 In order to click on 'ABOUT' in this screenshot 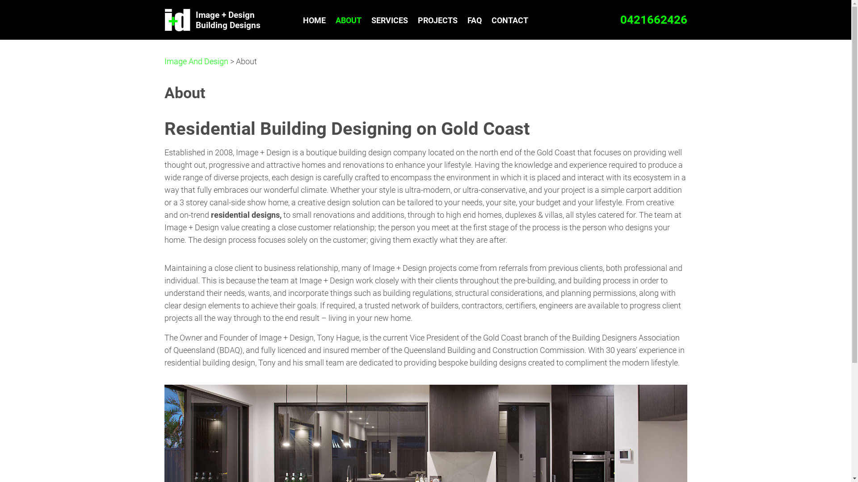, I will do `click(330, 20)`.